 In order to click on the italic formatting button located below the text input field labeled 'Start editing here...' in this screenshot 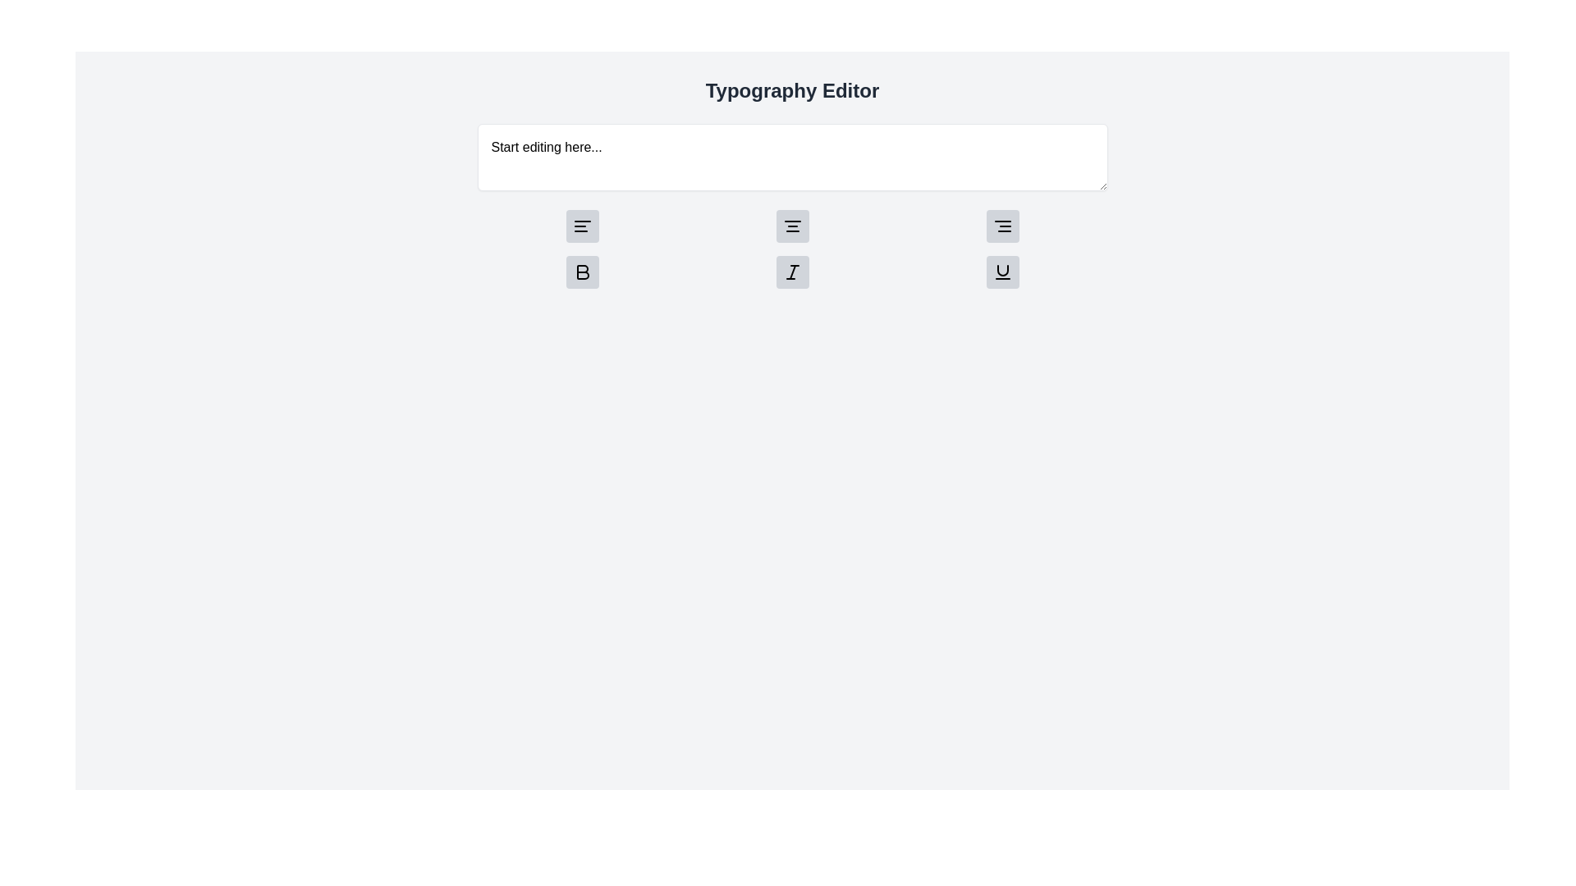, I will do `click(792, 271)`.